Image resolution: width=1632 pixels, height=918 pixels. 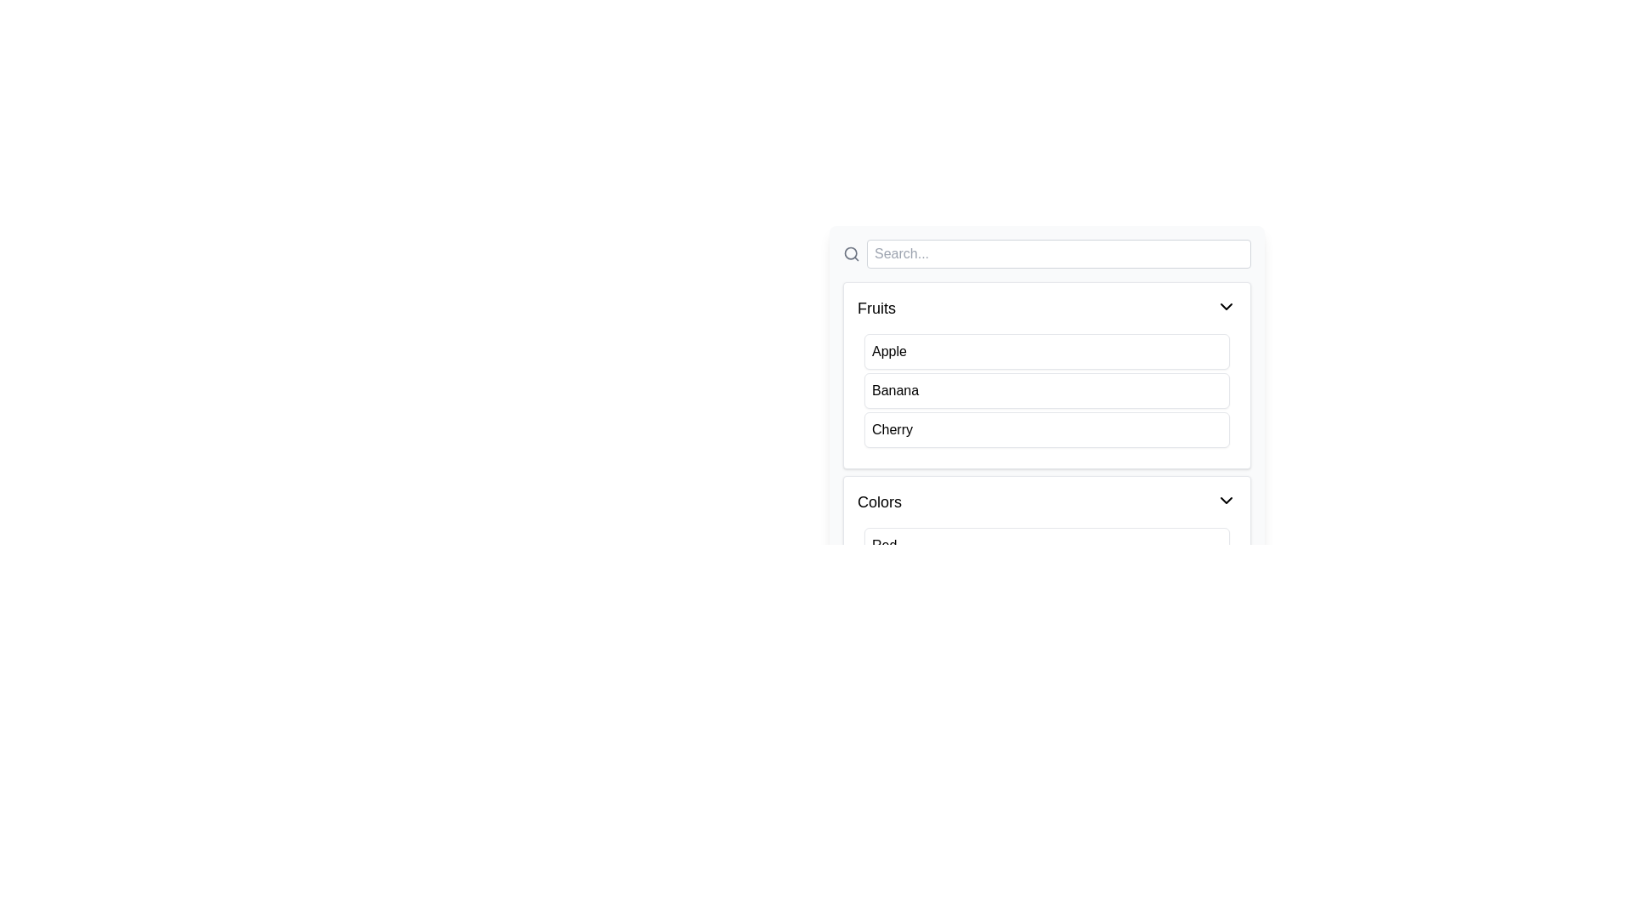 I want to click on the downward-pointing chevron icon next to the 'Fruits' label, so click(x=1227, y=307).